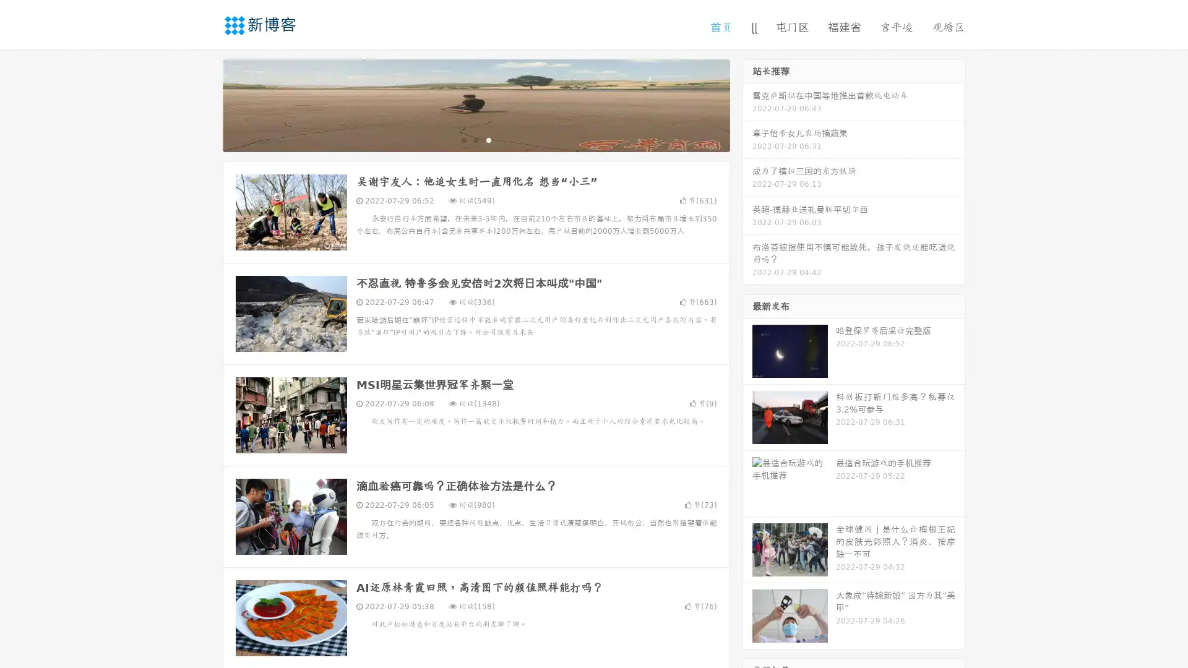 The image size is (1188, 668). I want to click on Previous slide, so click(204, 104).